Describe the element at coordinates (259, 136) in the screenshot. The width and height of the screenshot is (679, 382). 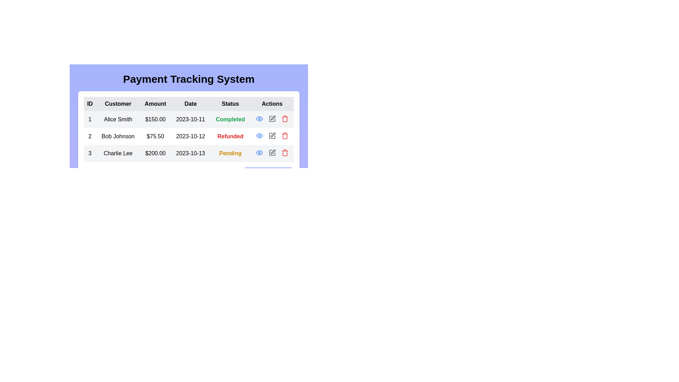
I see `the blue eye icon button in the 'Actions' column of the table` at that location.